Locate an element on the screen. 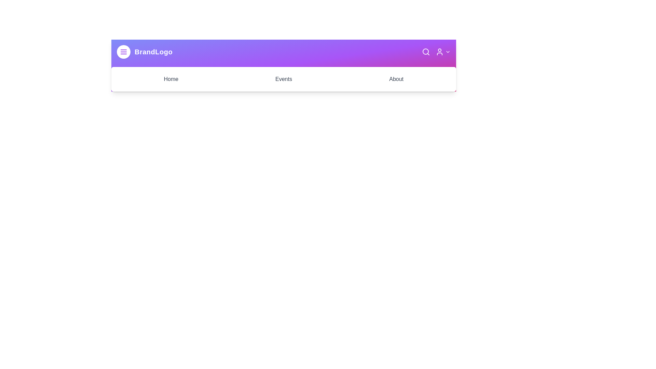 This screenshot has height=369, width=656. the 'Events' section to navigate to it is located at coordinates (284, 79).